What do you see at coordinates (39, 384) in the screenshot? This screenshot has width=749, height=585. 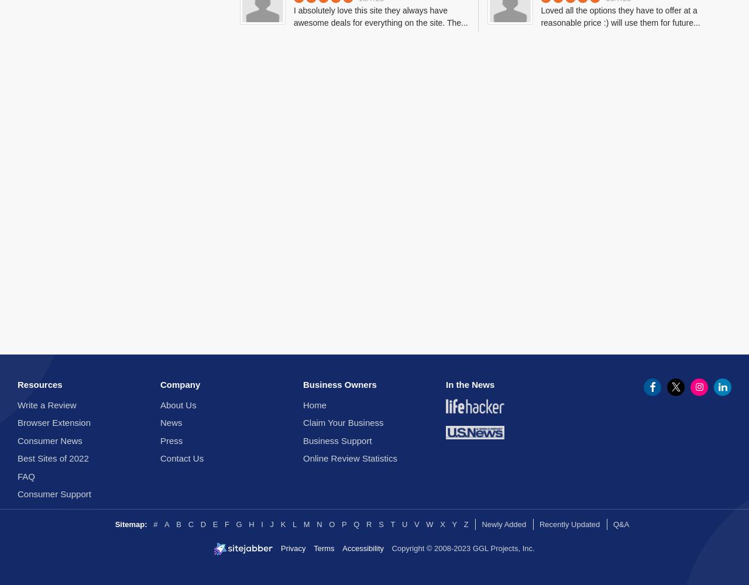 I see `'Resources'` at bounding box center [39, 384].